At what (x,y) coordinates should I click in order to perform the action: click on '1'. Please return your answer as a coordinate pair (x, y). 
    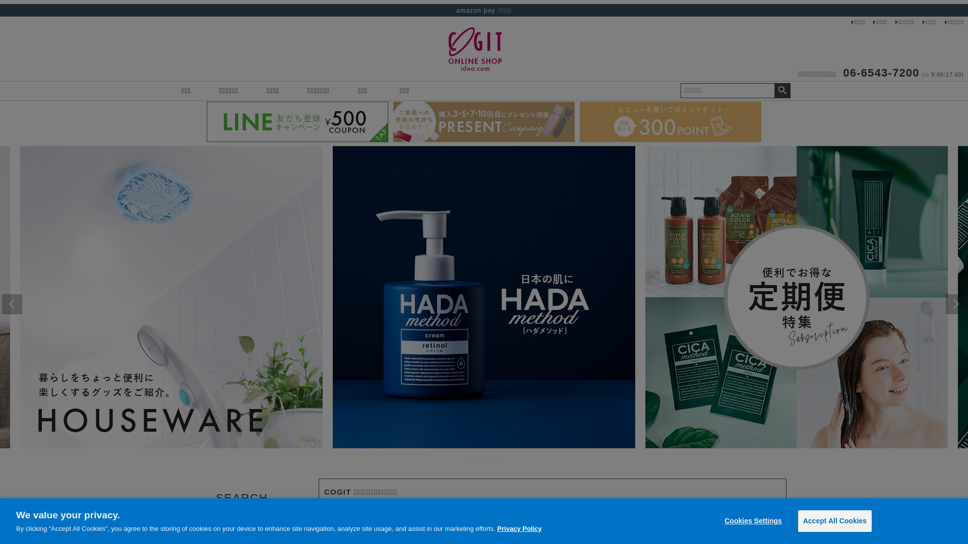
    Looking at the image, I should click on (467, 457).